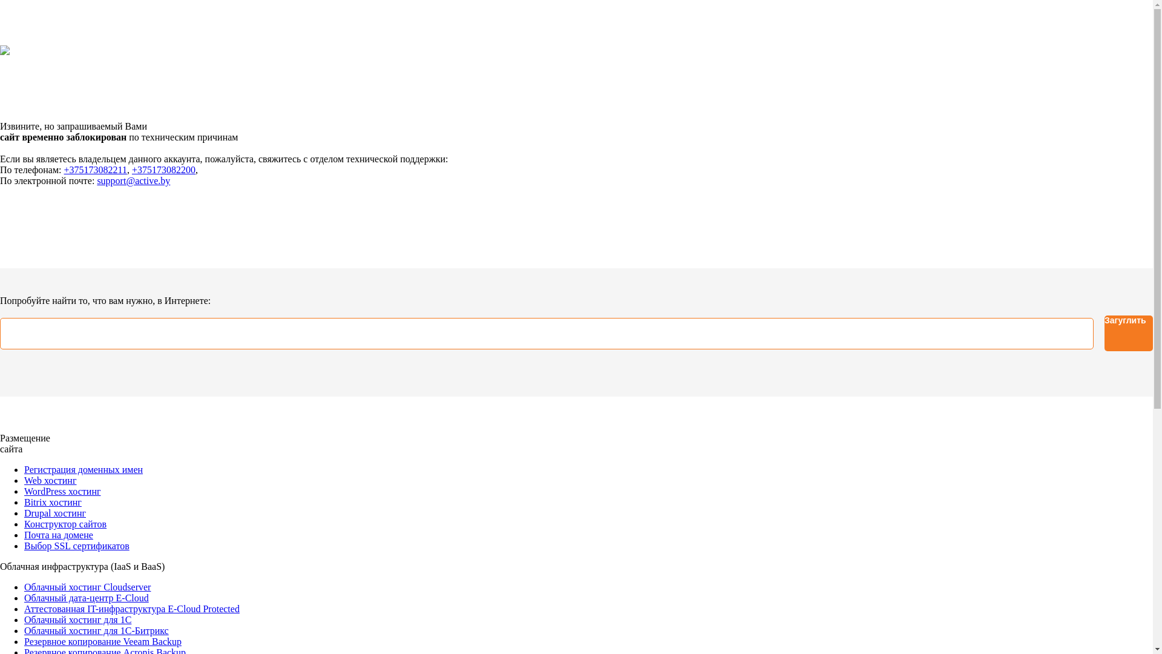 The image size is (1162, 654). I want to click on '+375173082200', so click(163, 170).